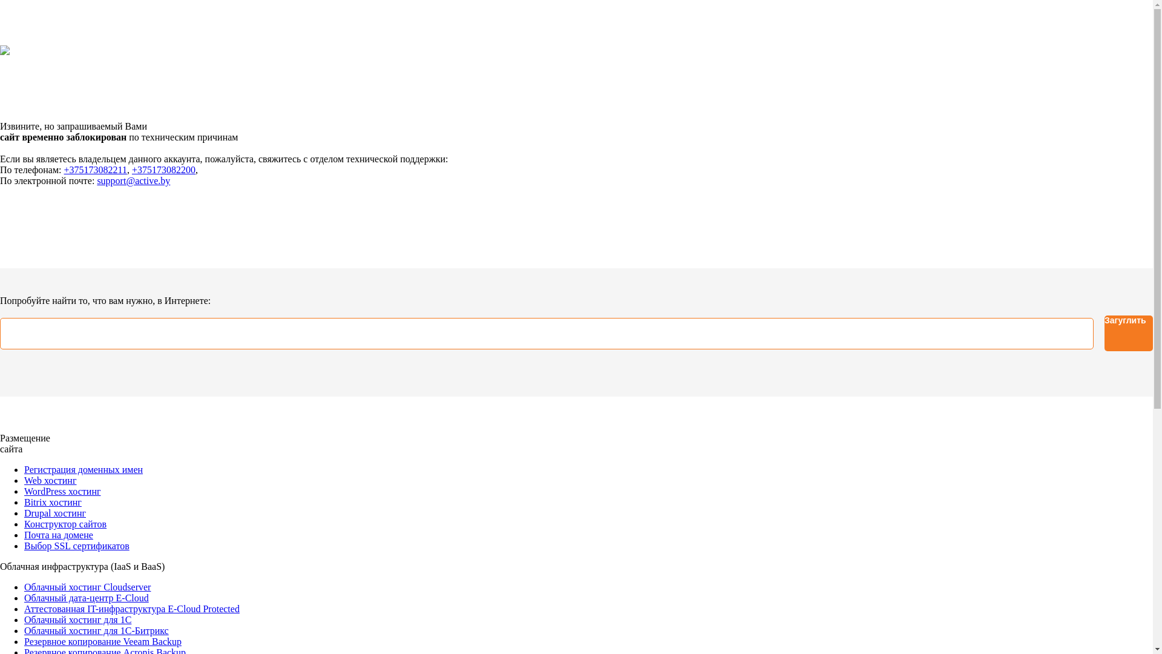 The image size is (1162, 654). I want to click on '+375173082200', so click(163, 170).